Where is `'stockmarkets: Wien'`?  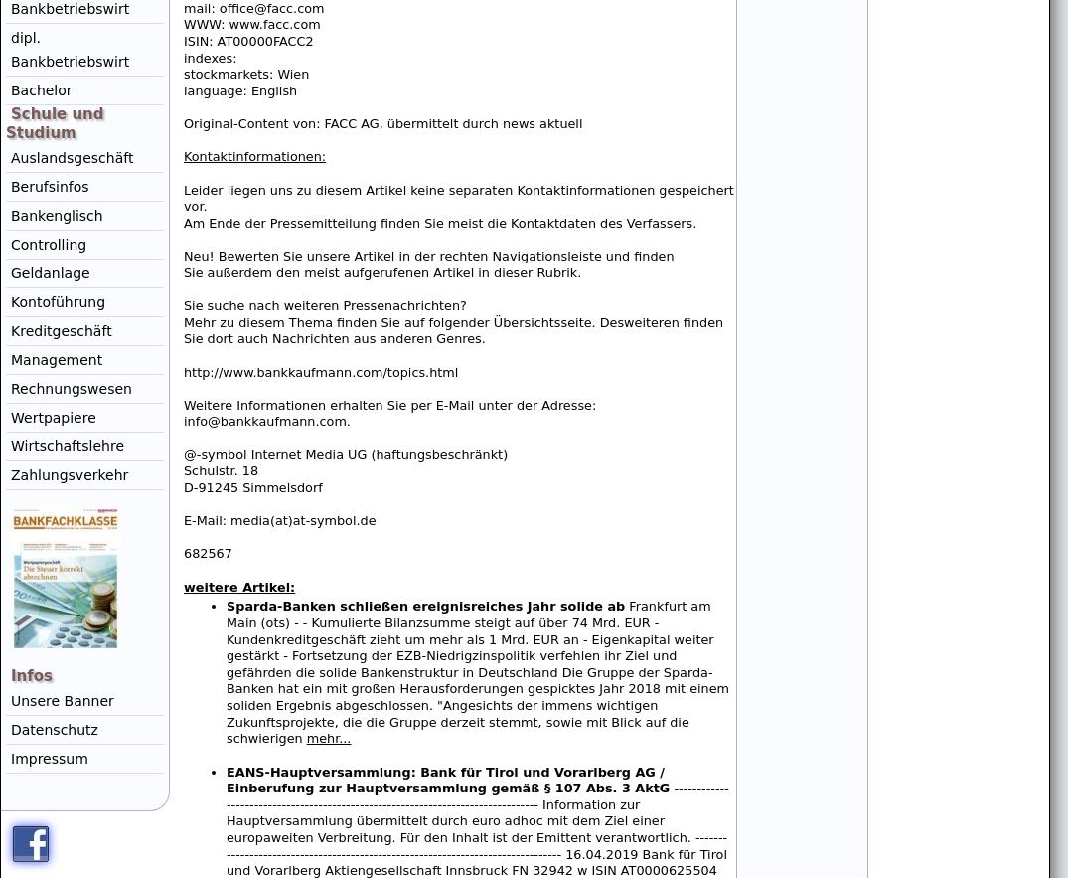
'stockmarkets: Wien' is located at coordinates (246, 74).